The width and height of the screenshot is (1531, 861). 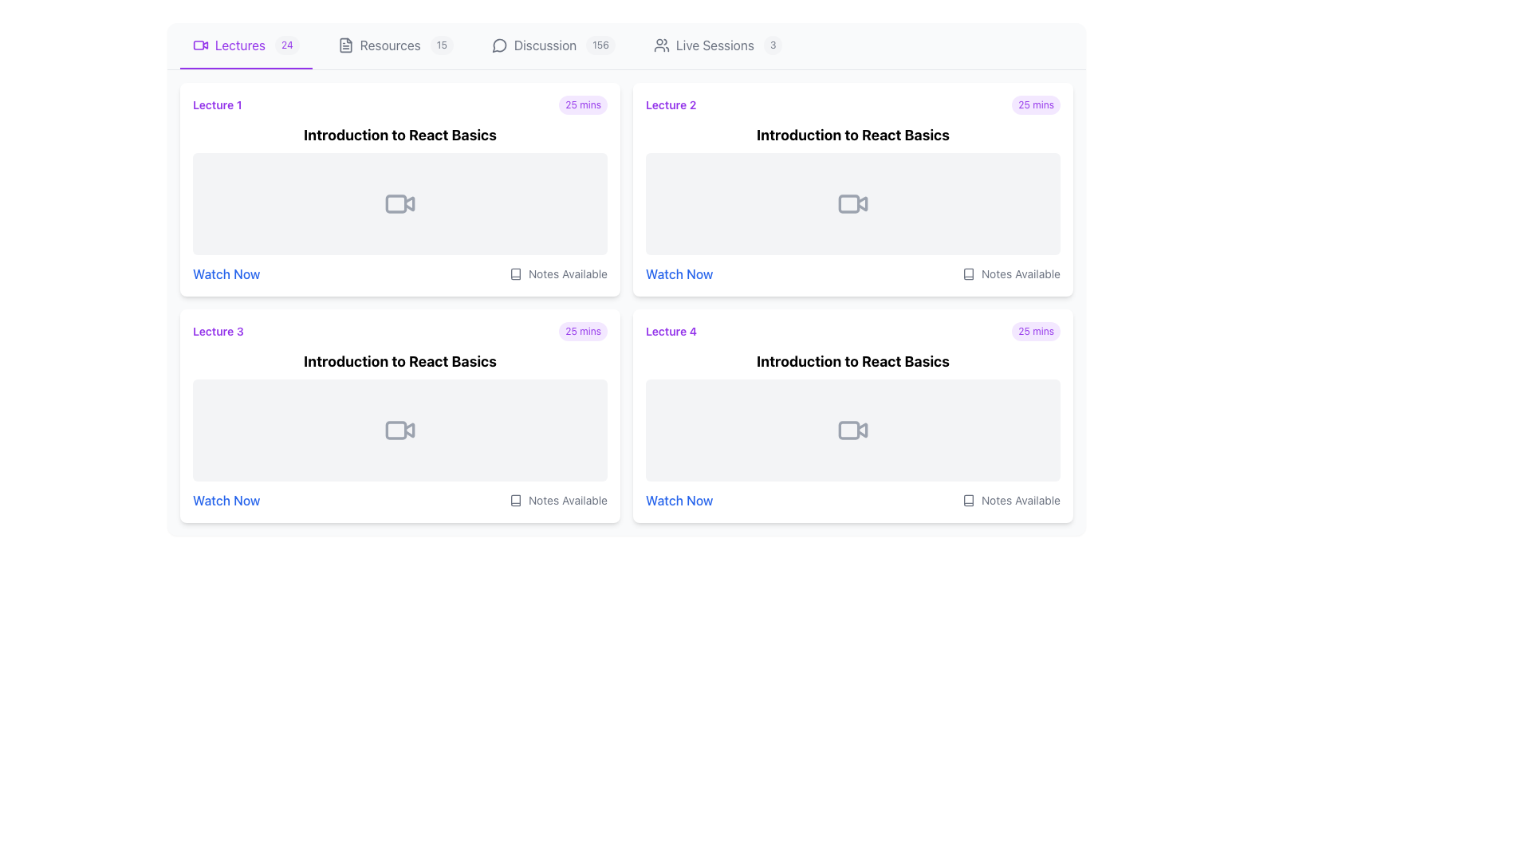 I want to click on the notes icon located to the left of the 'Notes Available' text in the bottom-left section of the grid layout, so click(x=516, y=500).